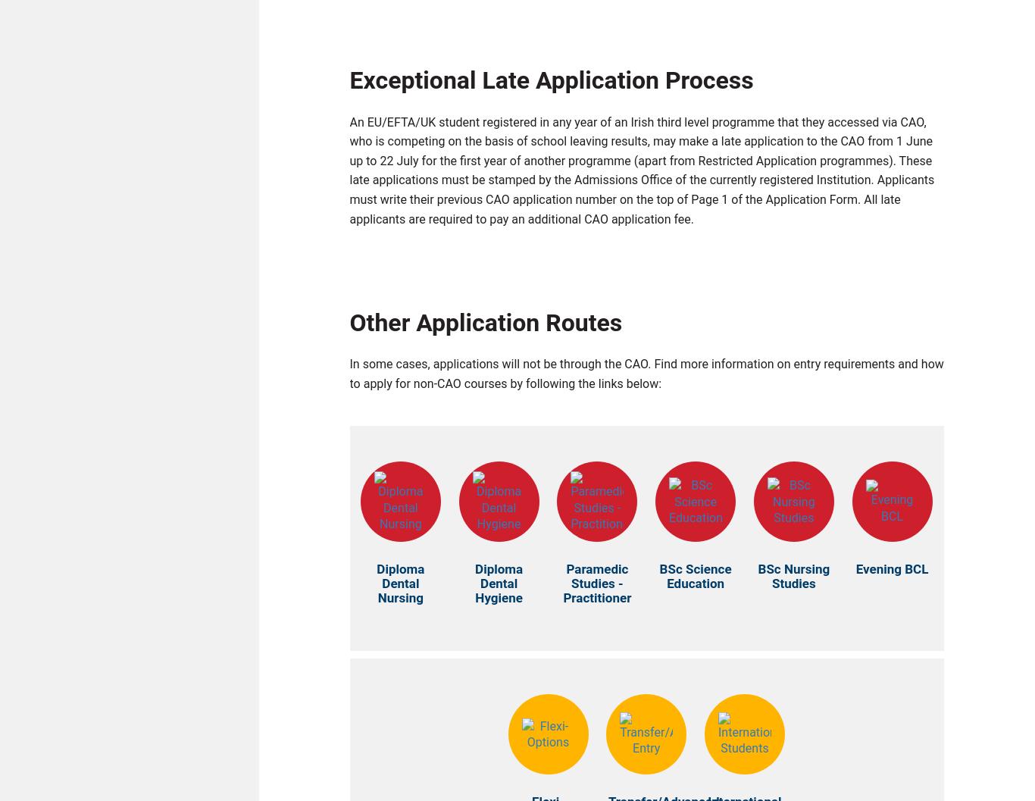 This screenshot has width=1035, height=801. I want to click on 'BSc Science Education', so click(695, 580).